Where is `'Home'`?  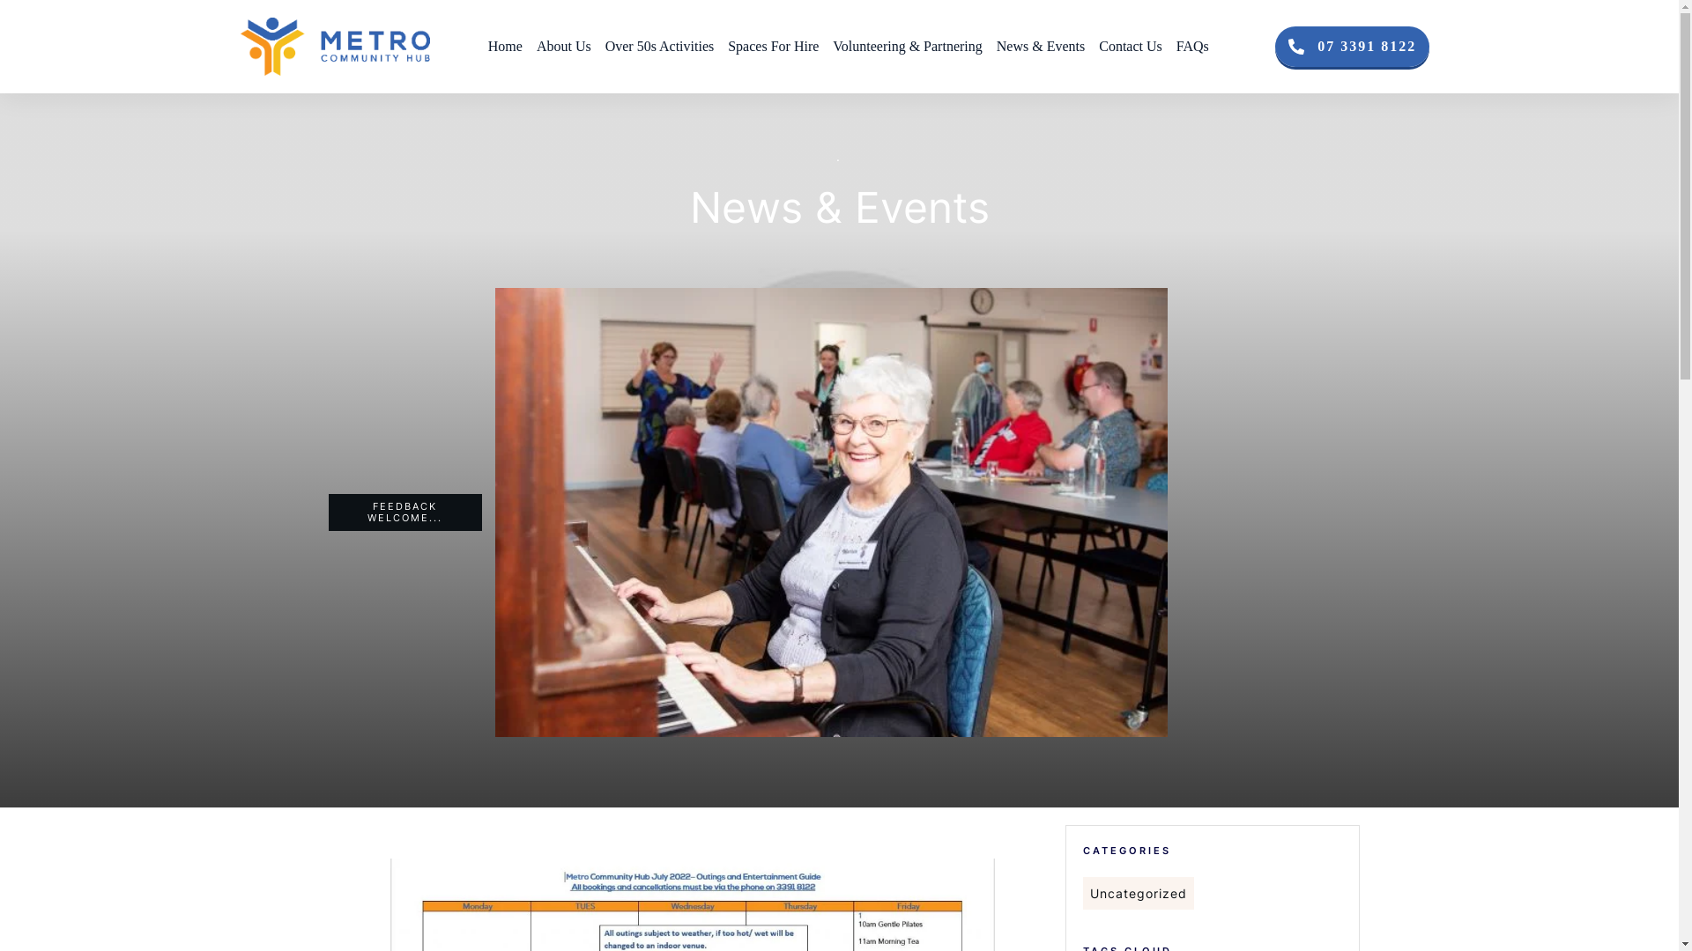 'Home' is located at coordinates (487, 46).